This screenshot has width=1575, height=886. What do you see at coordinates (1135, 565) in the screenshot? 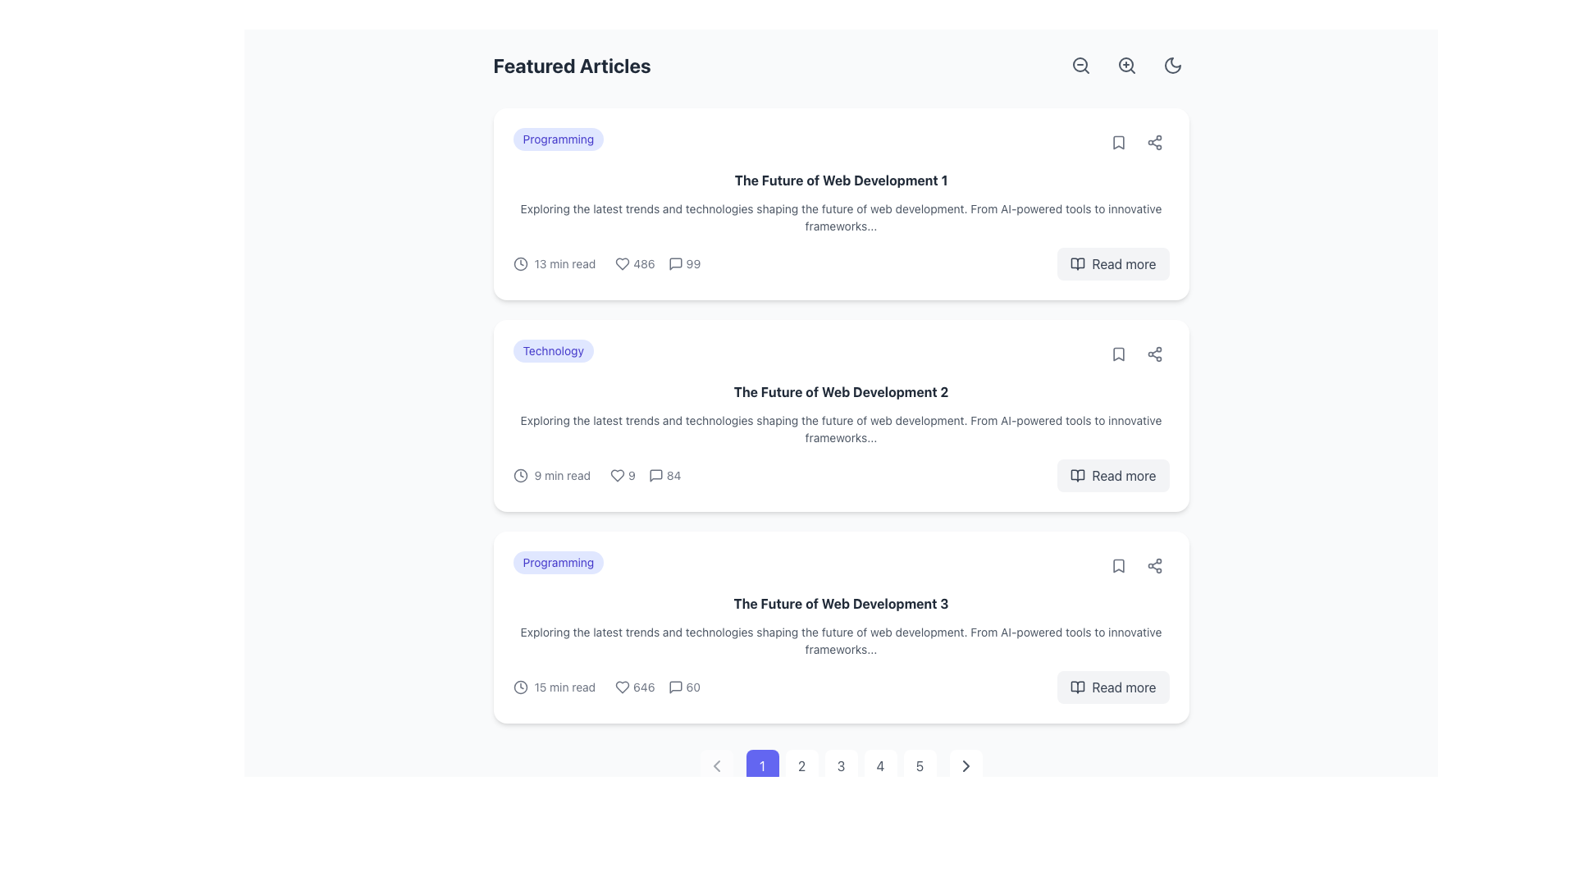
I see `the row of icons located at the top-right corner of the article card titled 'The Future of Web Development 3'` at bounding box center [1135, 565].